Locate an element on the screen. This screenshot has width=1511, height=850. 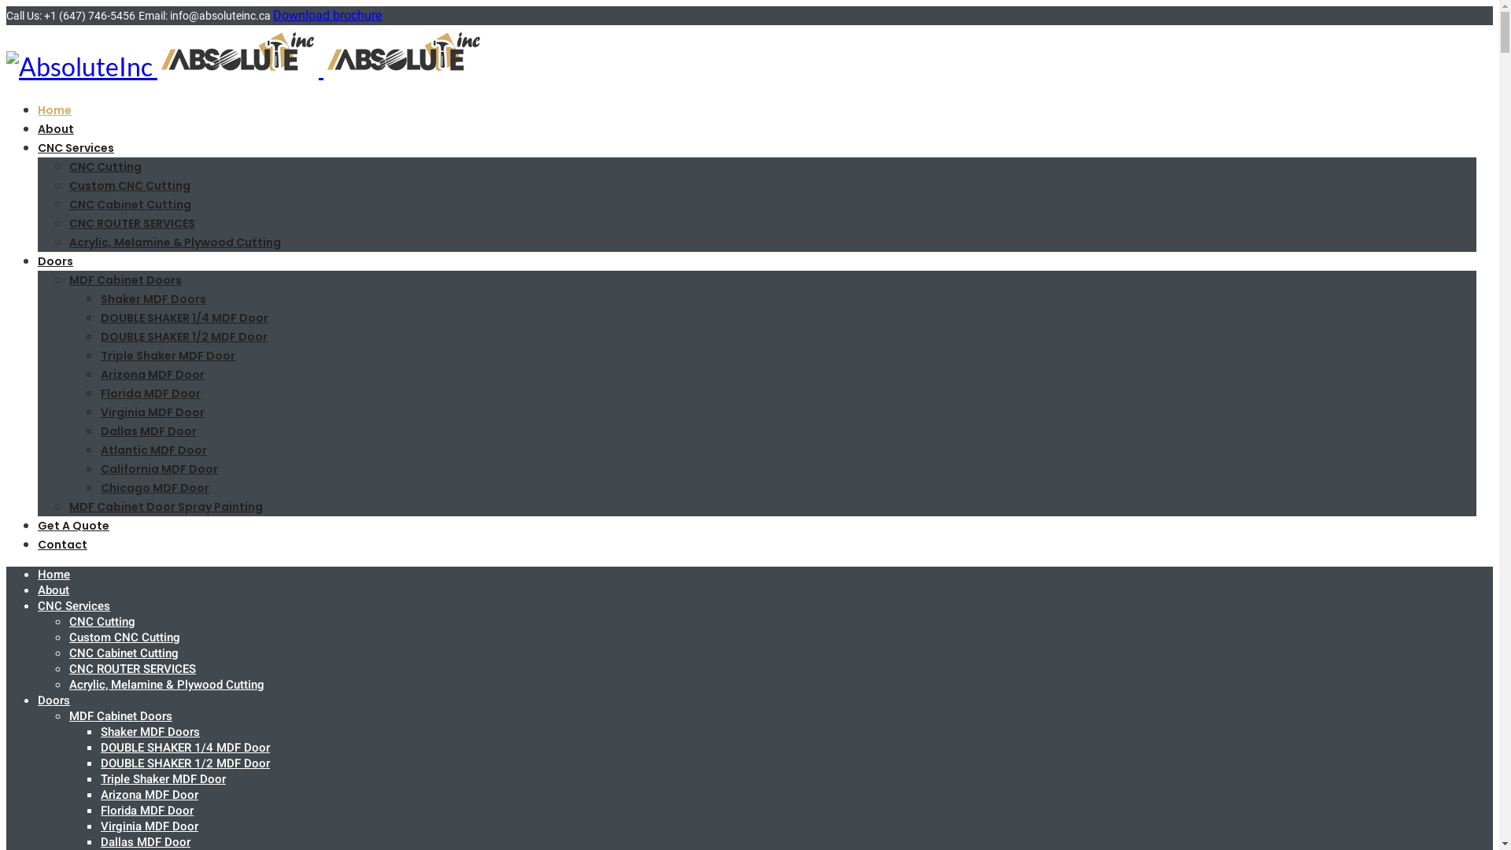
'Get A Quote' is located at coordinates (72, 525).